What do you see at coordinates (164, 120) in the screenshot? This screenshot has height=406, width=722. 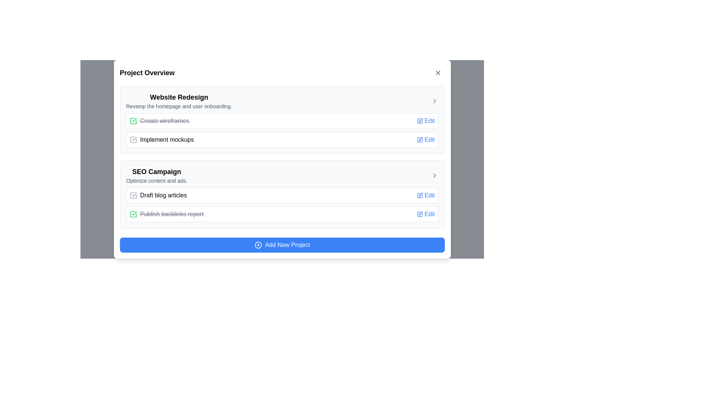 I see `the text label 'Create wireframes' which indicates a completed task in the 'Website Redesign' section` at bounding box center [164, 120].